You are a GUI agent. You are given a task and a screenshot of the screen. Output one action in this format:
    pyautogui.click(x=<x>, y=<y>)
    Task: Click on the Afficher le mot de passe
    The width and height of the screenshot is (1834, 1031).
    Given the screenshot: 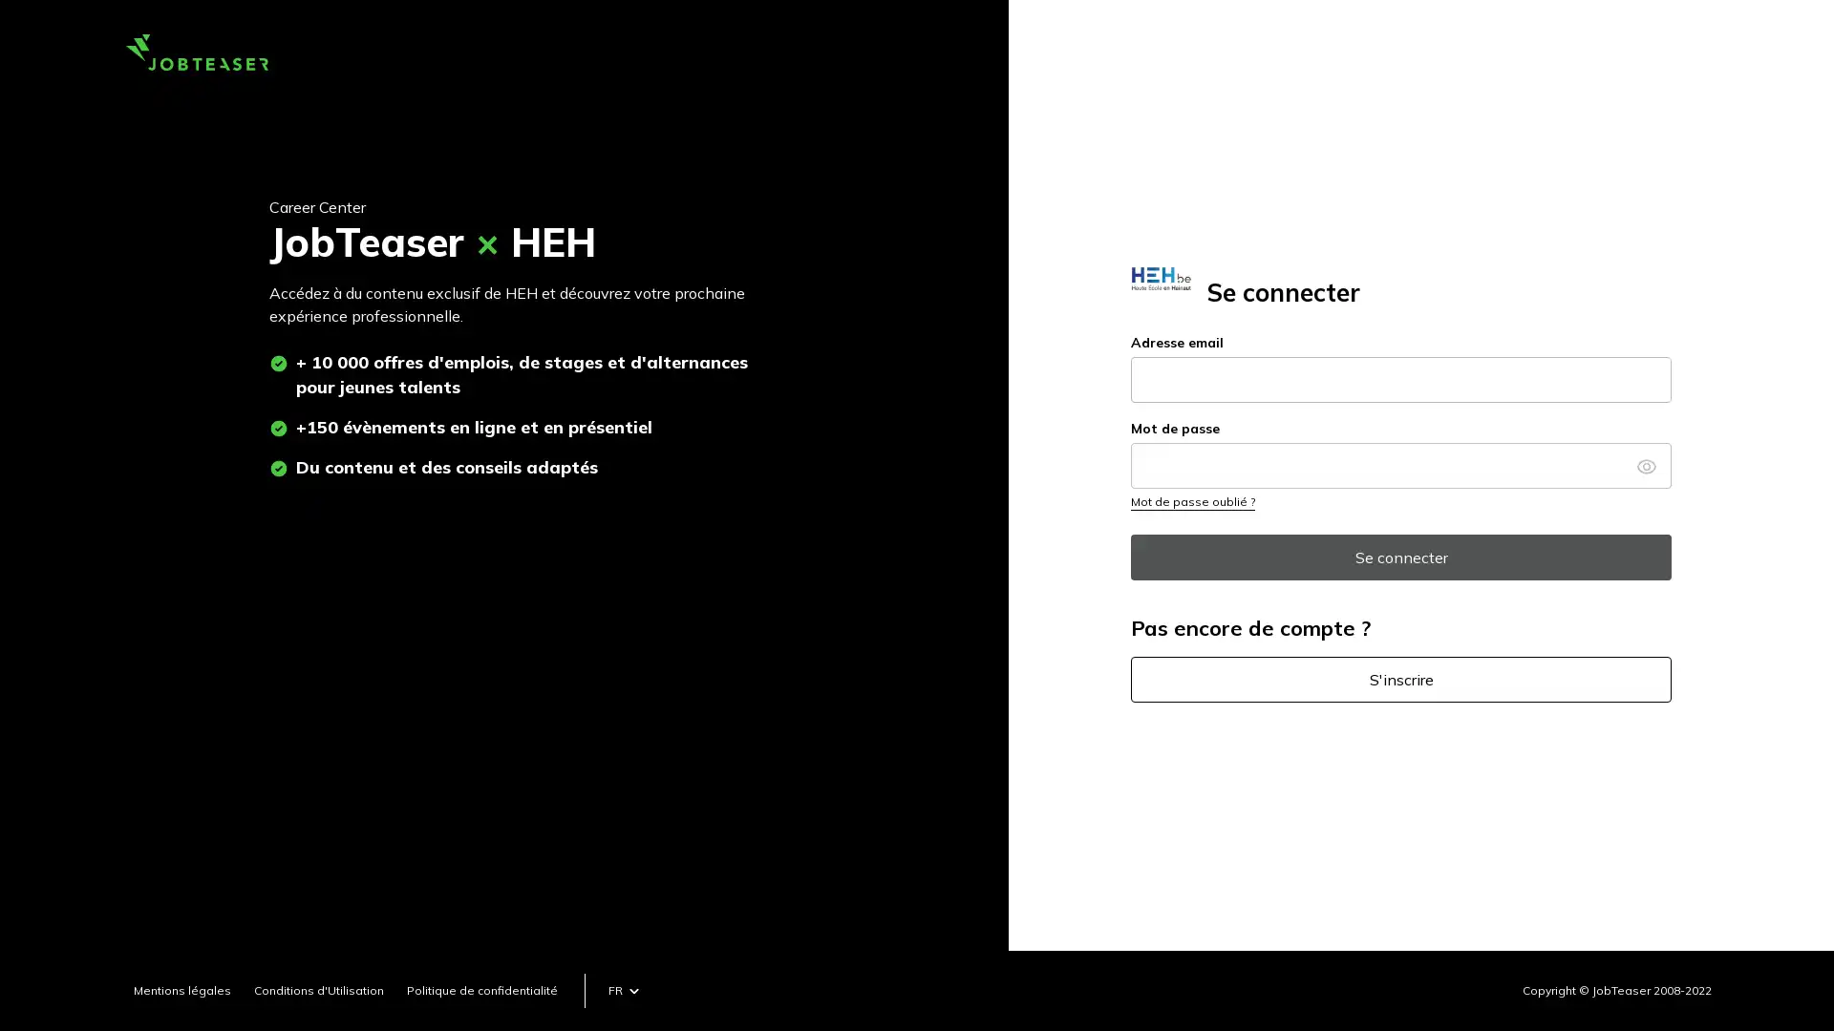 What is the action you would take?
    pyautogui.click(x=1645, y=464)
    